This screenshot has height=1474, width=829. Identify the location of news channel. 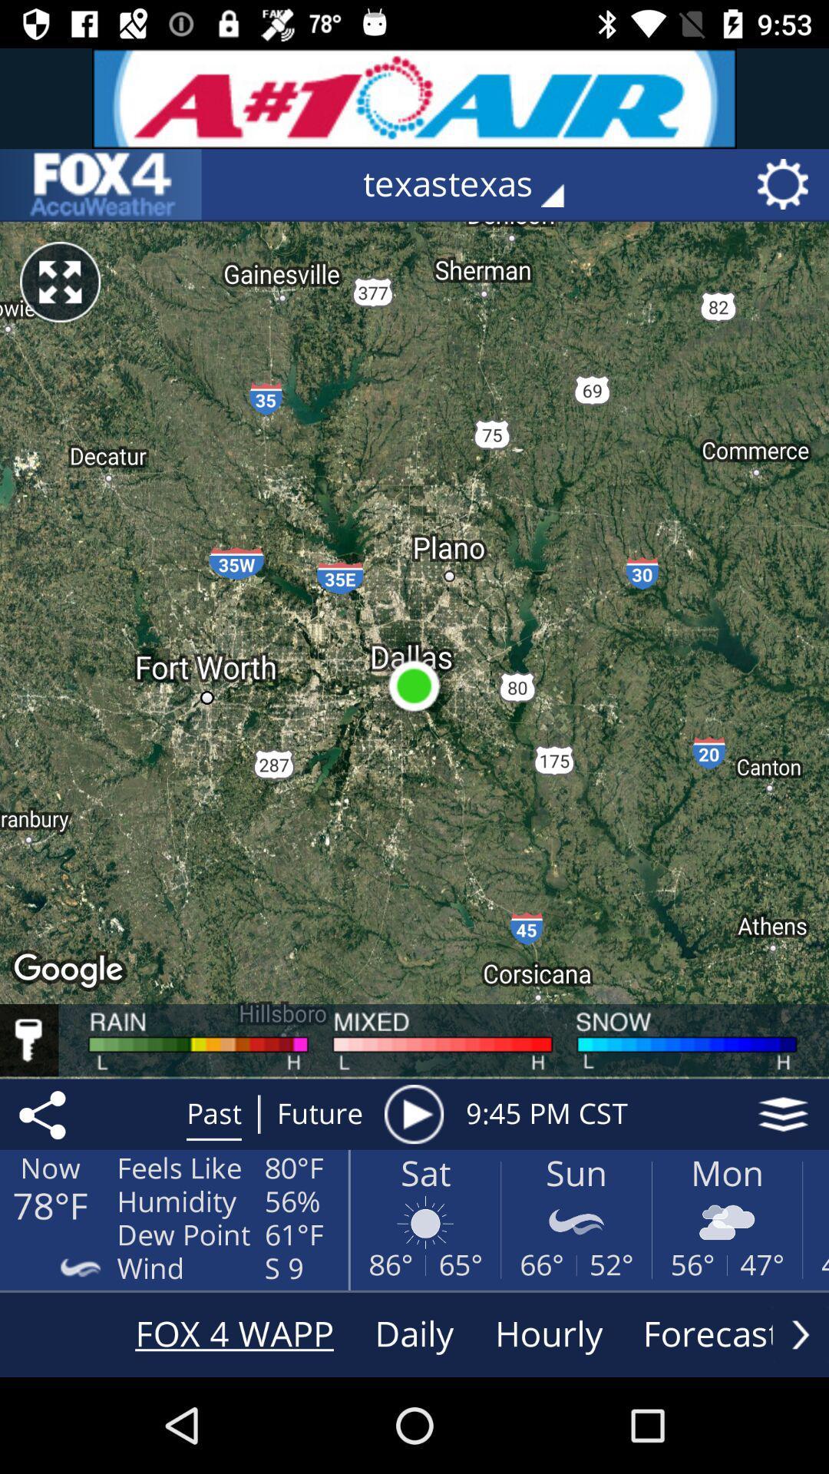
(101, 184).